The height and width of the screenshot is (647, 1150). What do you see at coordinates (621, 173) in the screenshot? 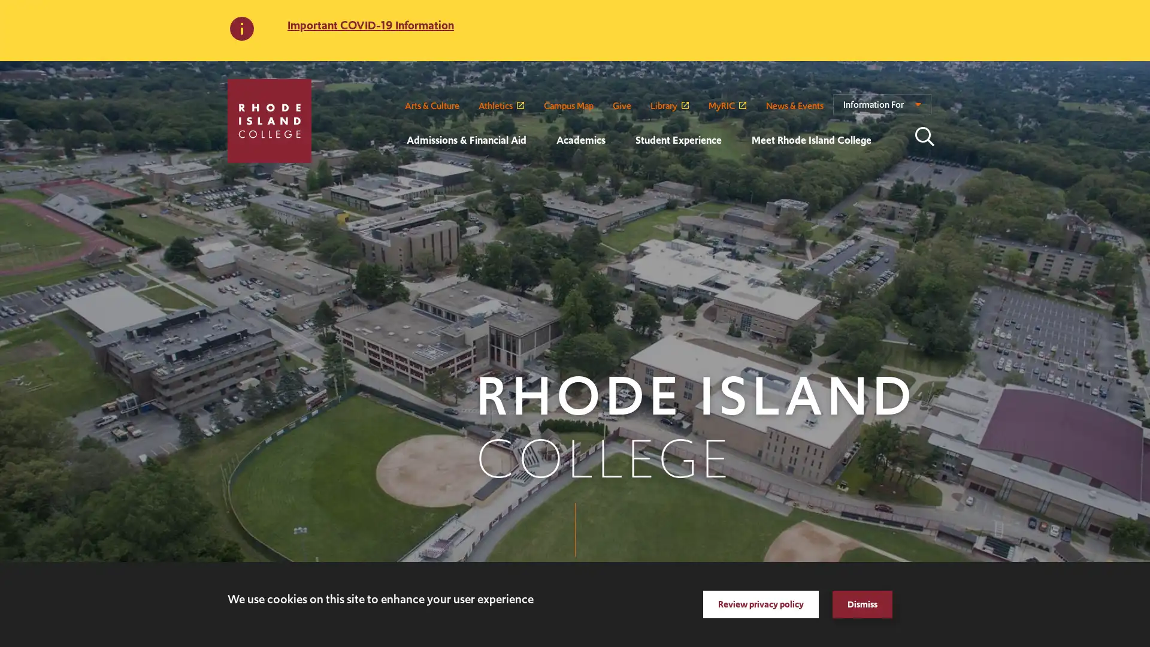
I see `Student Experience` at bounding box center [621, 173].